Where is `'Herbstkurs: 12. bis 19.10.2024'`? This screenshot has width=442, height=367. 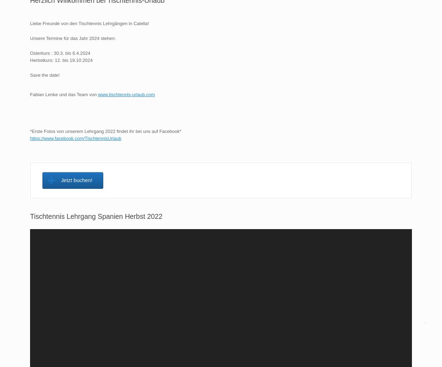
'Herbstkurs: 12. bis 19.10.2024' is located at coordinates (61, 60).